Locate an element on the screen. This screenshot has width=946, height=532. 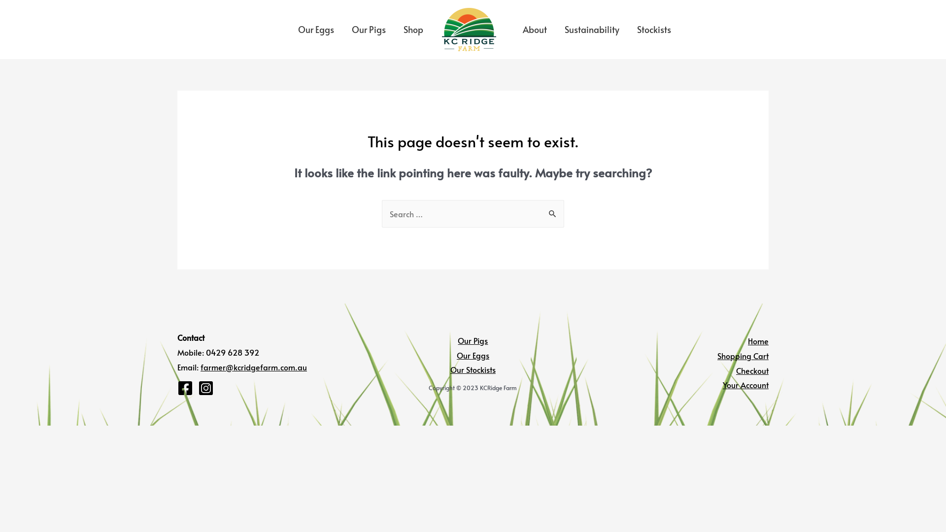
'Home' is located at coordinates (747, 340).